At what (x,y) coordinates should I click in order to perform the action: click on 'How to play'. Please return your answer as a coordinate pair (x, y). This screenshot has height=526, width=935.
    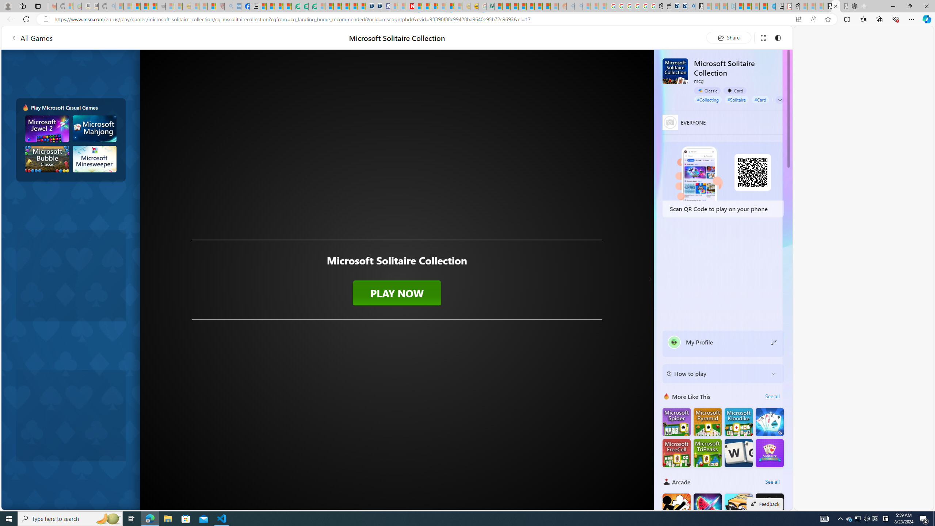
    Looking at the image, I should click on (717, 373).